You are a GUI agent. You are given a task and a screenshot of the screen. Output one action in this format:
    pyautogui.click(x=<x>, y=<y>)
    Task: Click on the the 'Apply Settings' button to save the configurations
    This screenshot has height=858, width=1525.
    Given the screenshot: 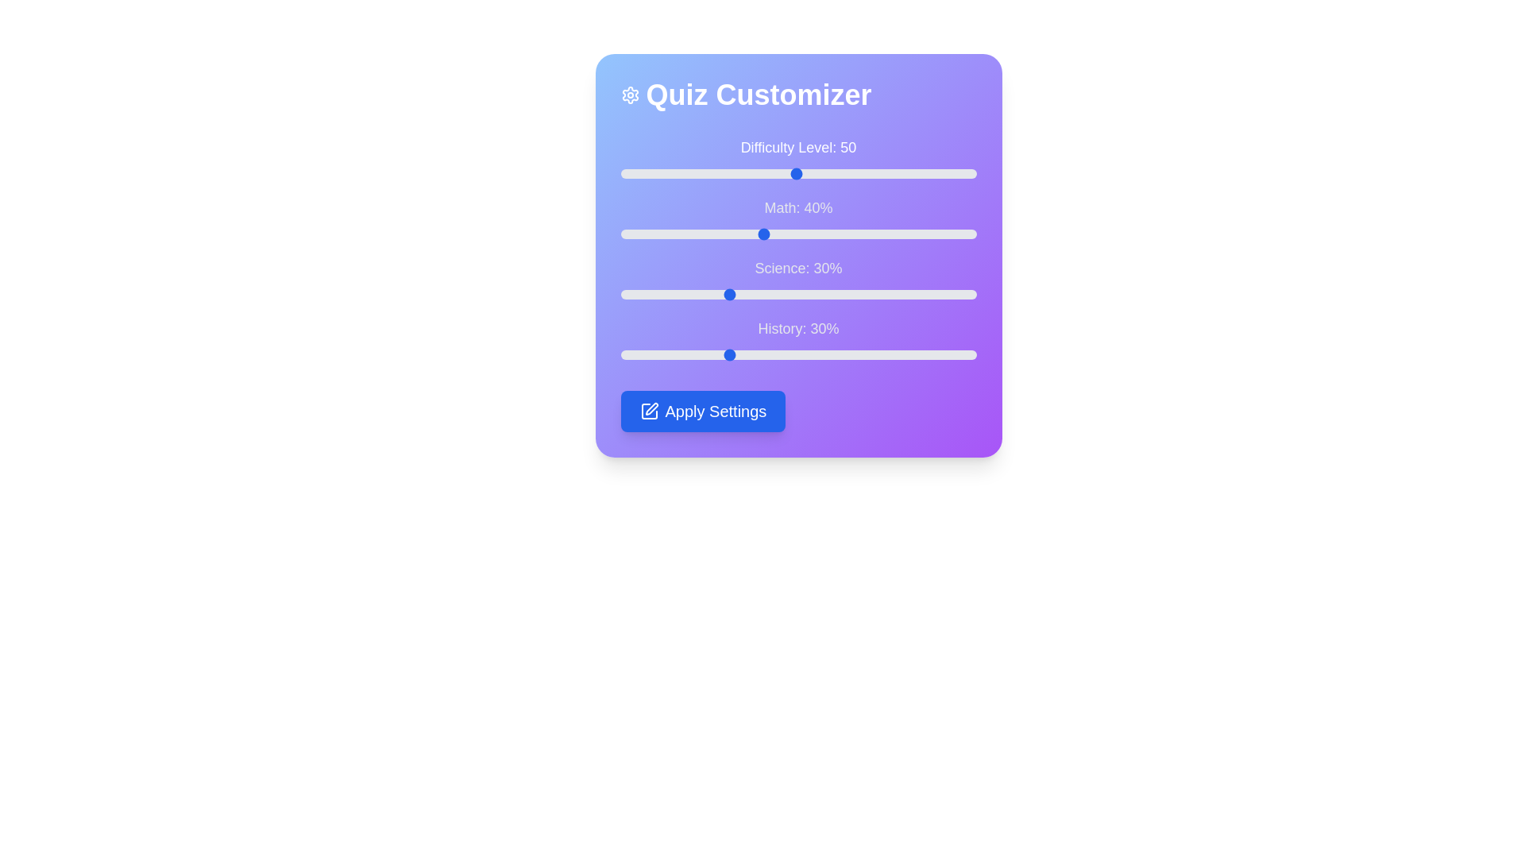 What is the action you would take?
    pyautogui.click(x=702, y=410)
    